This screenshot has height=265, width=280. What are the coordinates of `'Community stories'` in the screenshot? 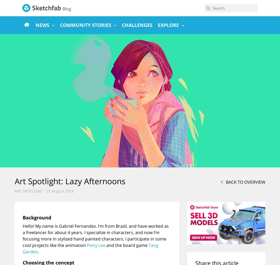 It's located at (85, 25).